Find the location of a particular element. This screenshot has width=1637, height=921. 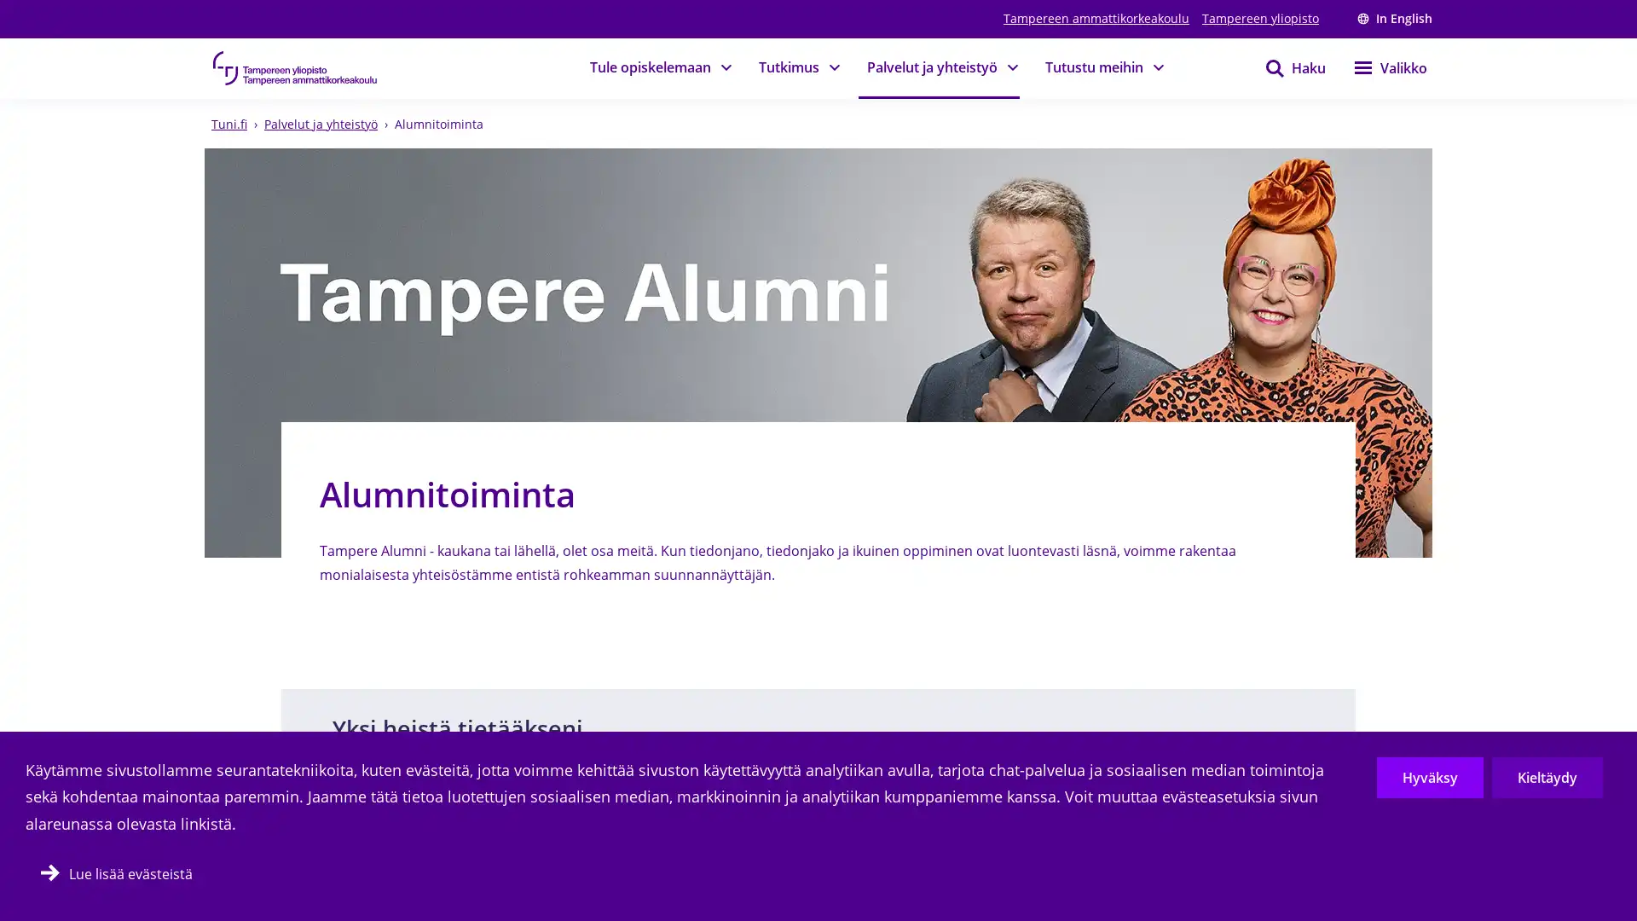

Kieltaydy is located at coordinates (1547, 776).